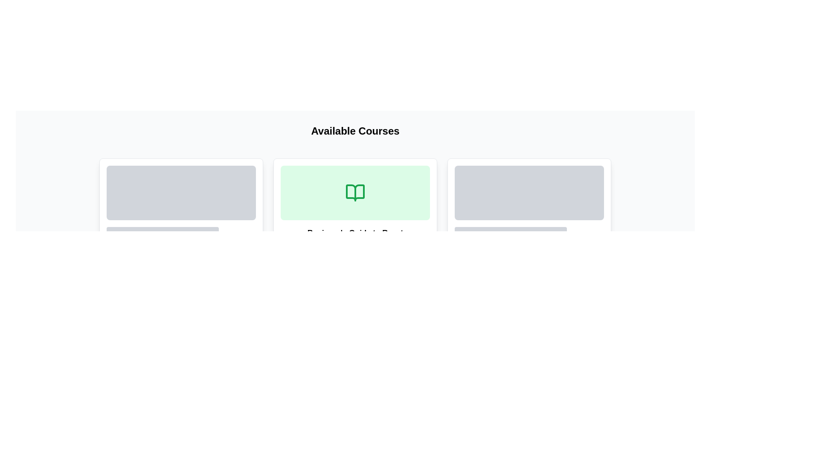 The height and width of the screenshot is (460, 819). Describe the element at coordinates (529, 205) in the screenshot. I see `the Decorative Placeholder located at the top of the third card from the left in a horizontally-aligned series of cards` at that location.